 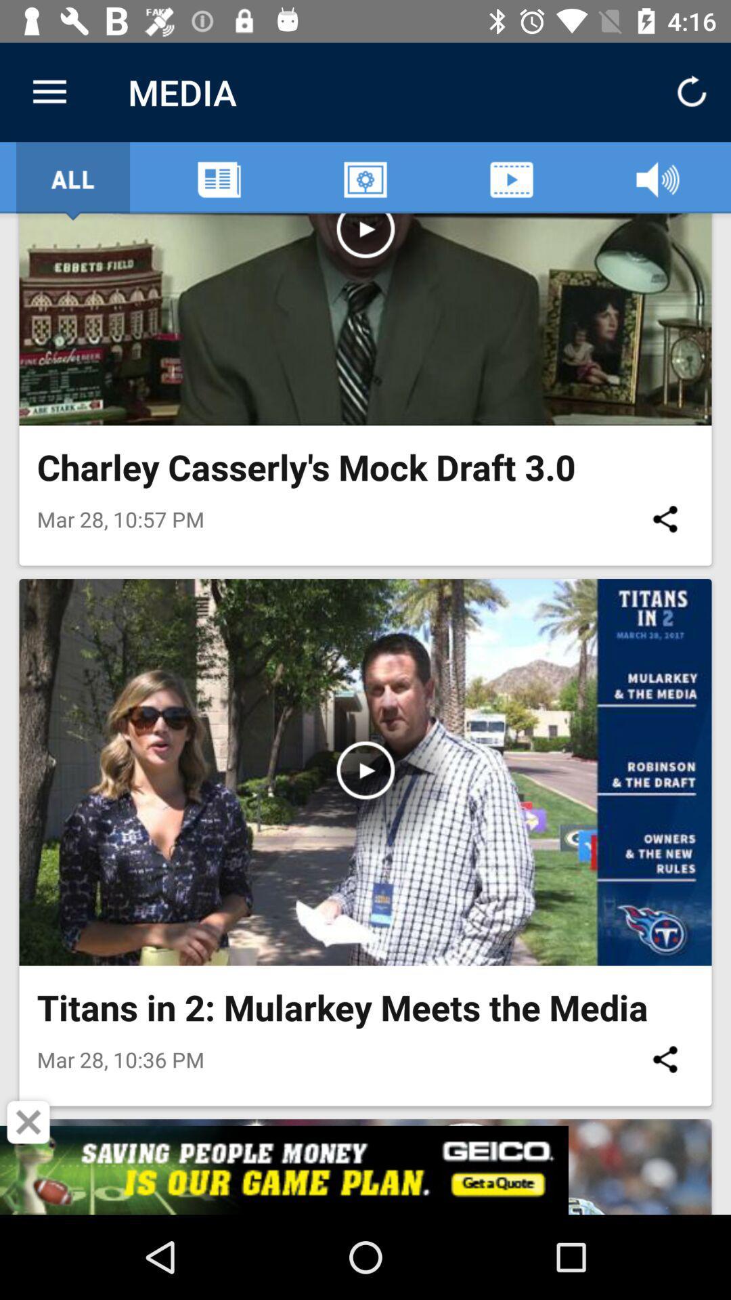 I want to click on item to the left of media icon, so click(x=49, y=91).